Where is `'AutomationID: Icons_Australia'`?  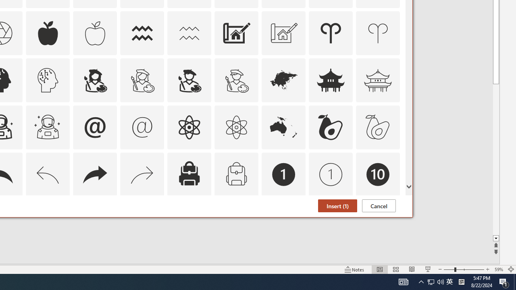
'AutomationID: Icons_Australia' is located at coordinates (284, 127).